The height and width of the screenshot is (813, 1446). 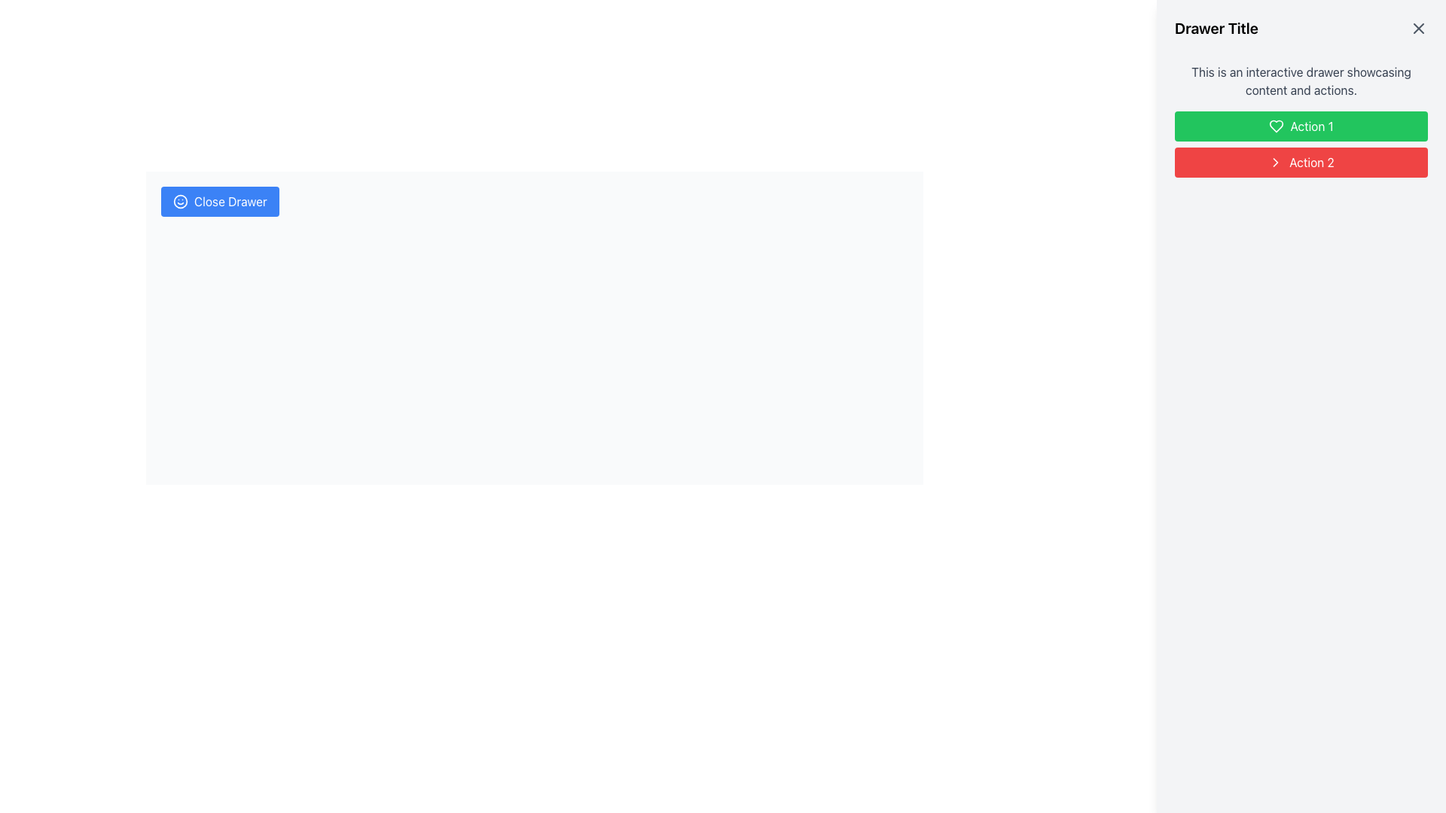 I want to click on the SVG Icon located inside the 'Action 2' button, positioned near its right side in the top-right corner of the interface, so click(x=1275, y=163).